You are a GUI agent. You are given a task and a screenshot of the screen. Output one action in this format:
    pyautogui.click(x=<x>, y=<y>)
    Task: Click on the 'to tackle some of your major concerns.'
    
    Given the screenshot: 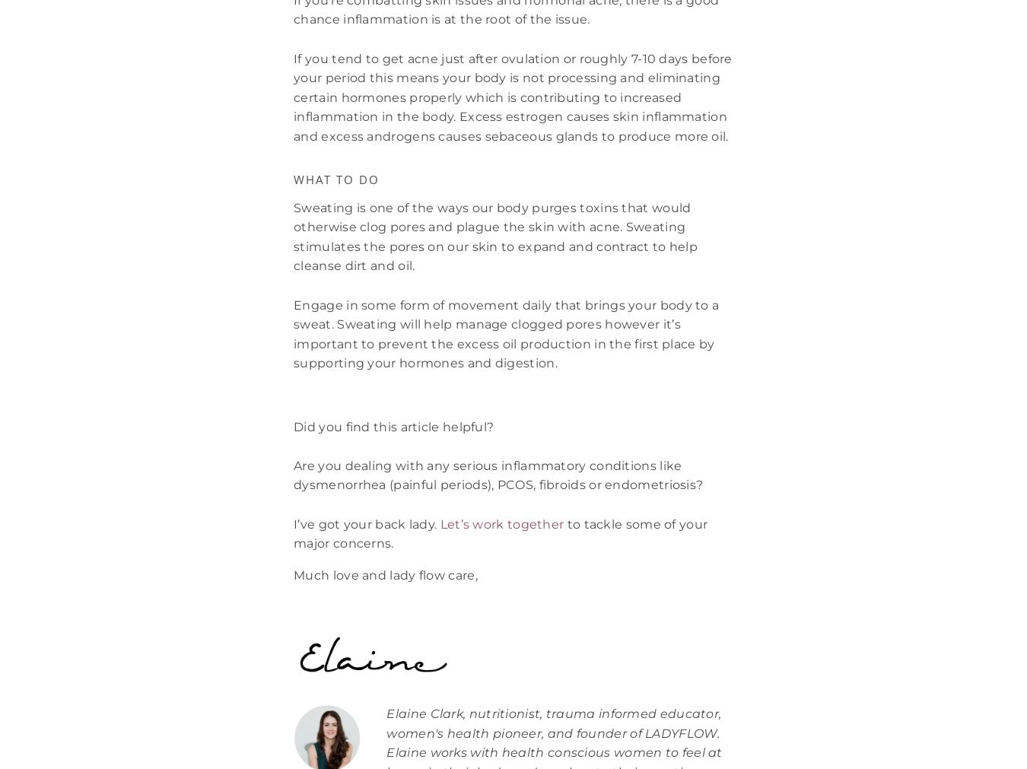 What is the action you would take?
    pyautogui.click(x=293, y=532)
    